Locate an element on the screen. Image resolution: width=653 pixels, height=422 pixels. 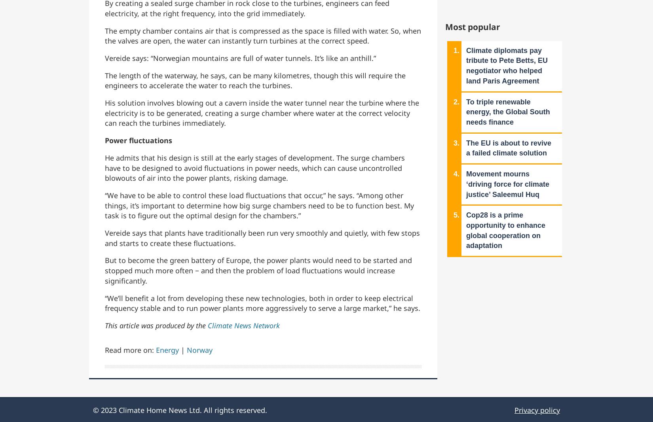
'Climate News Network' is located at coordinates (243, 325).